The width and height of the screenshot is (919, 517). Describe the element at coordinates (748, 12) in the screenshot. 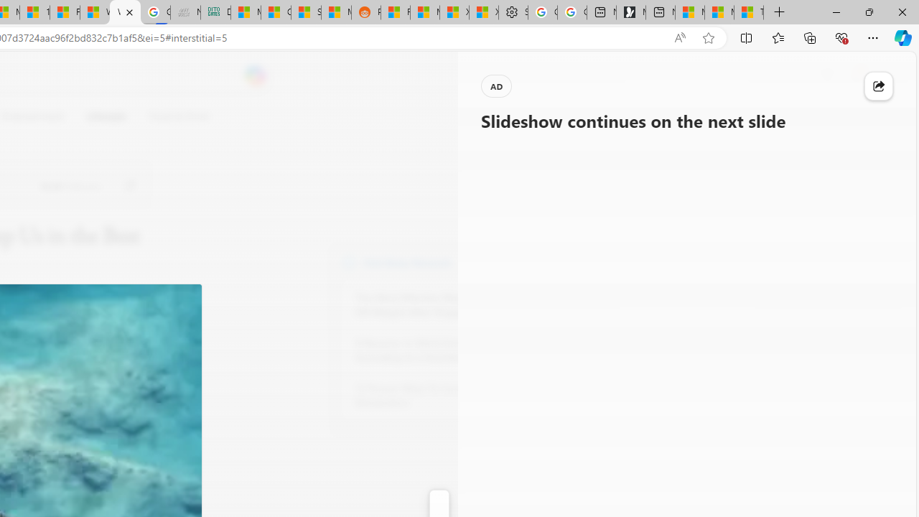

I see `'These 3 Stocks Pay You More Than 5% to Own Them'` at that location.